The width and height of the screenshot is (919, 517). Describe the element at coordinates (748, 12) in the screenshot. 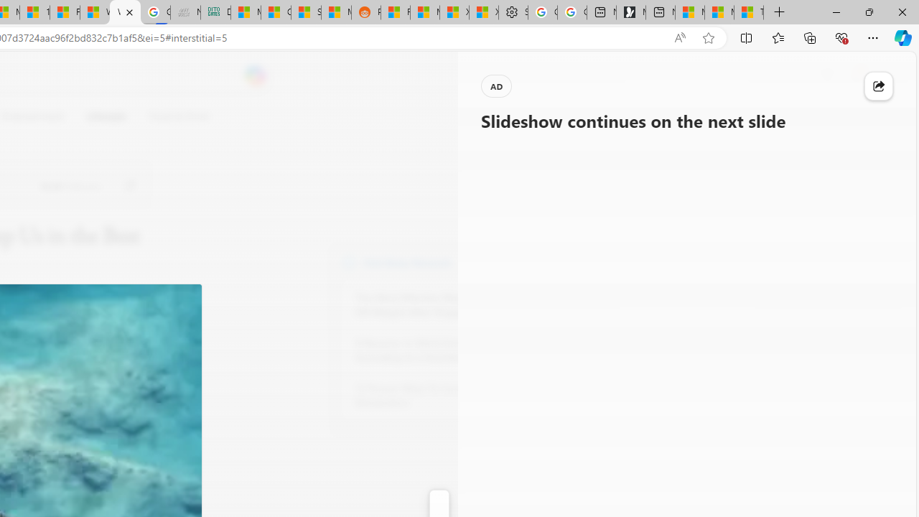

I see `'These 3 Stocks Pay You More Than 5% to Own Them'` at that location.